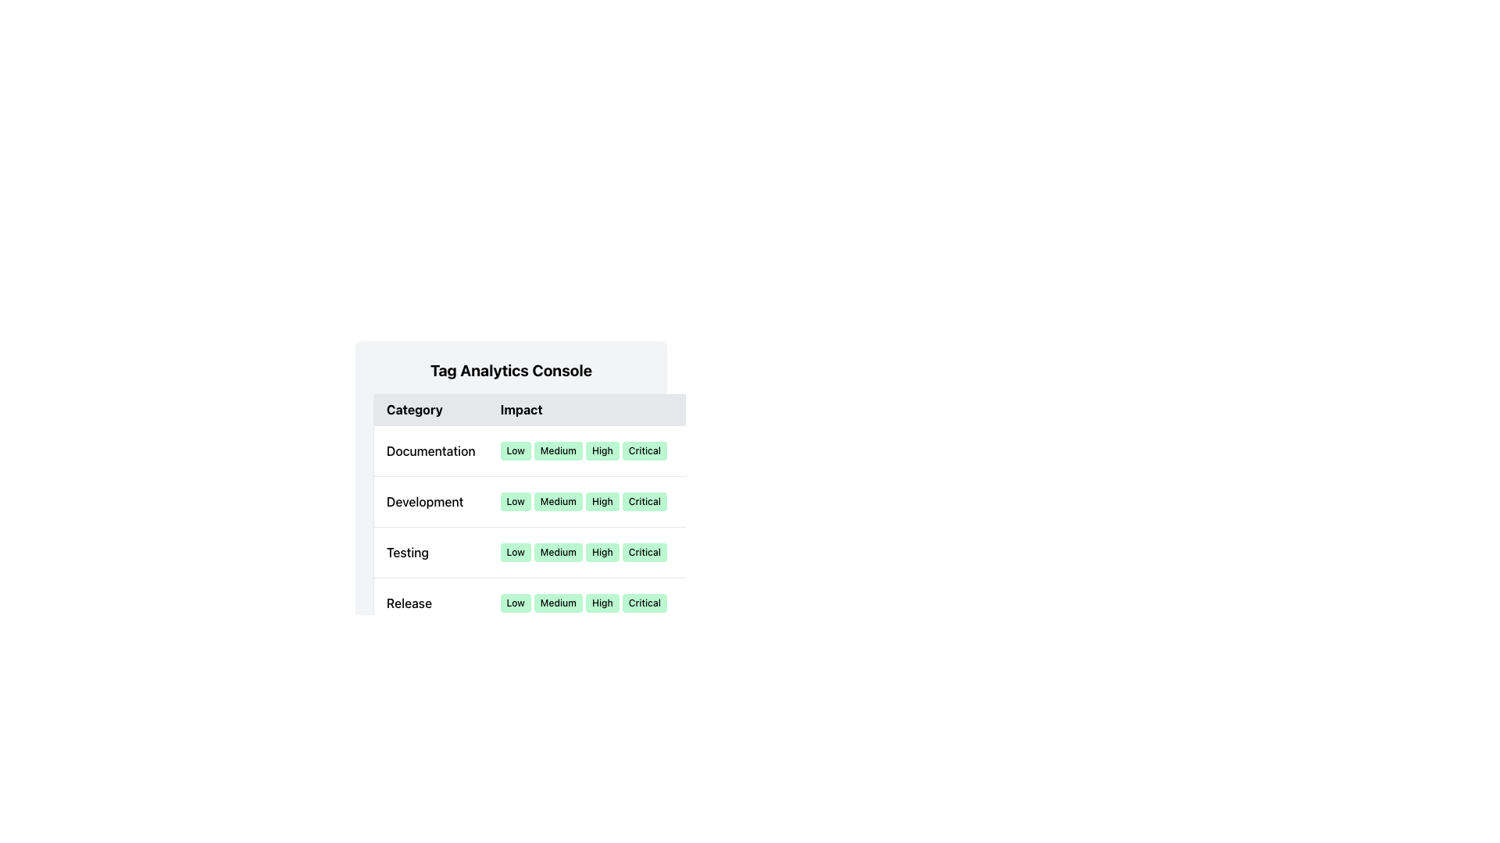 Image resolution: width=1500 pixels, height=843 pixels. I want to click on the third row in the table under the 'Category' column labeled 'Testing', so click(562, 552).